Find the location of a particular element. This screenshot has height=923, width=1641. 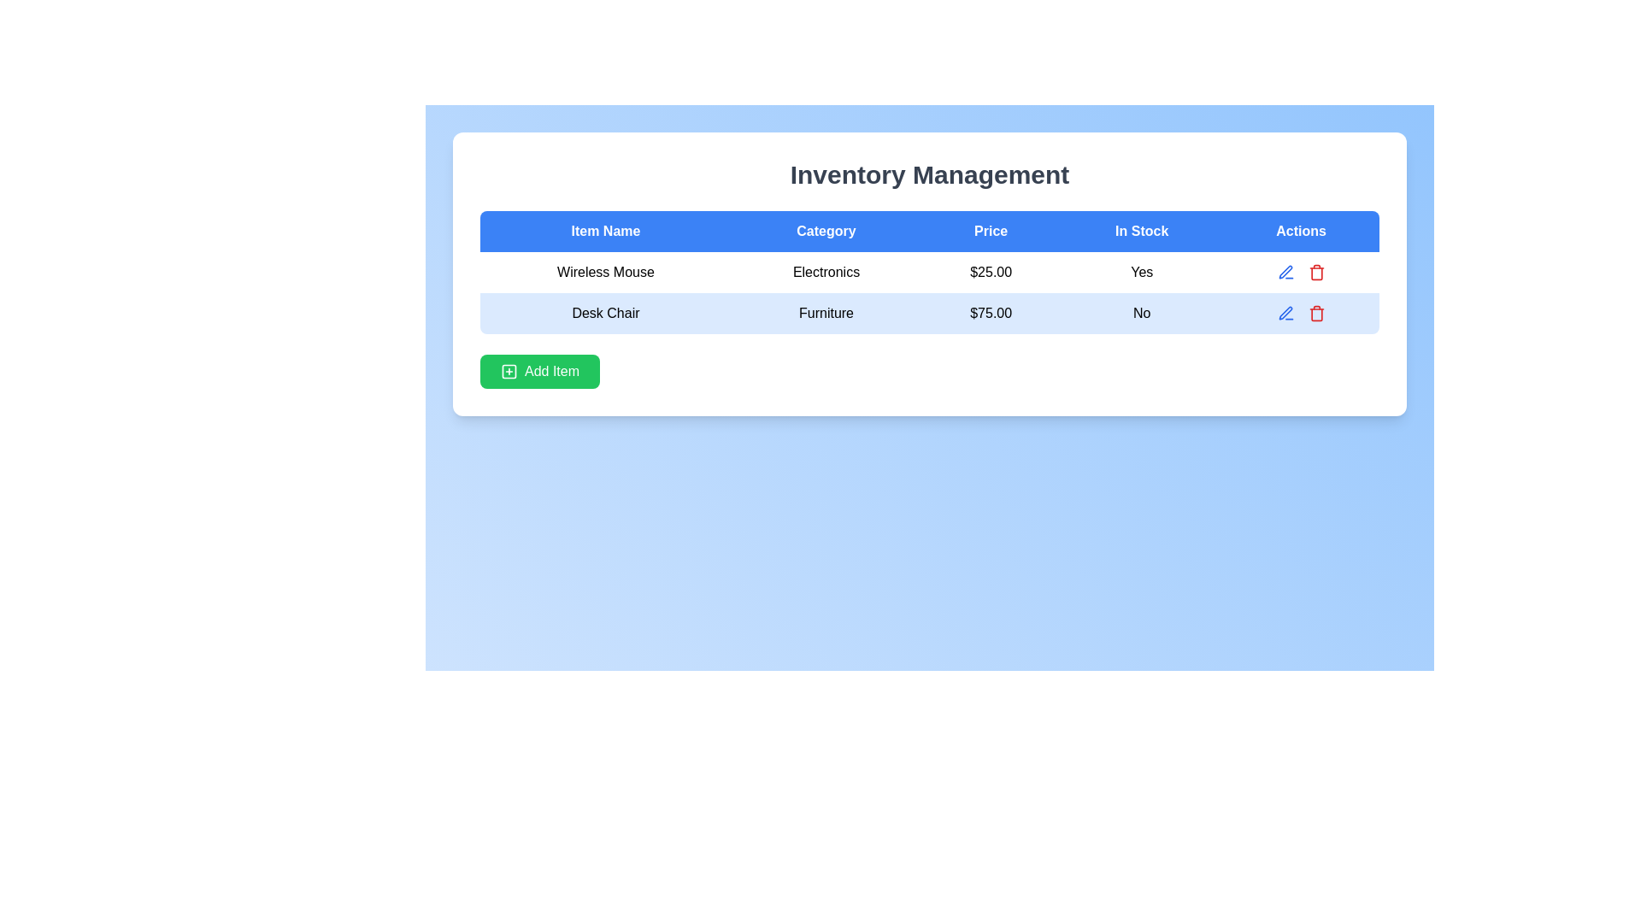

the delete button in the 'Actions' column of the row for 'Desk Chair' to initiate the delete operation is located at coordinates (1315, 272).